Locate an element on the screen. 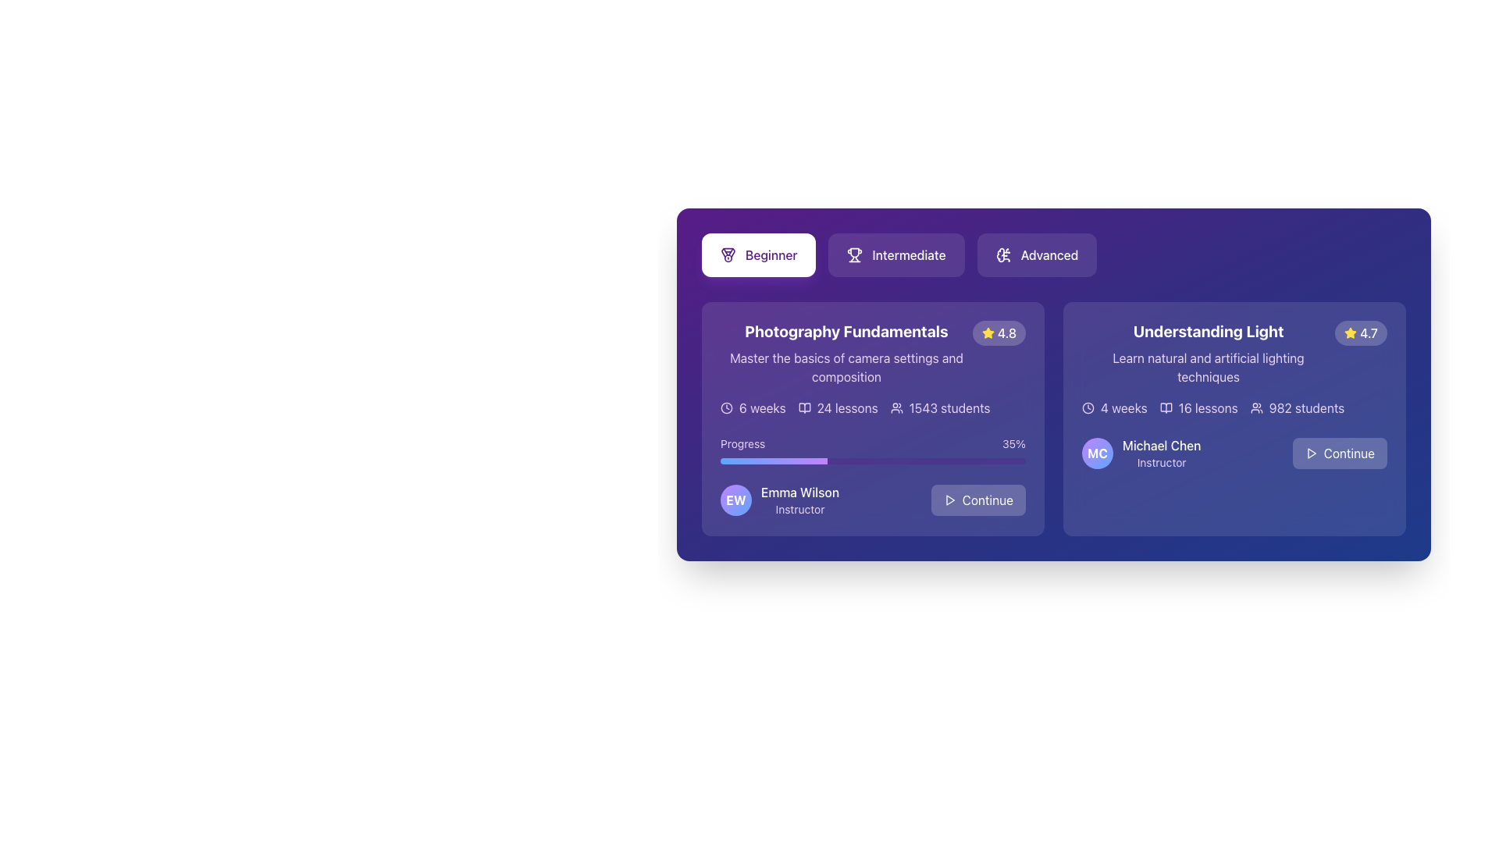 The width and height of the screenshot is (1499, 843). the Content Header with Rating Badge that includes the heading 'Photography Fundamentals' and its rating badge displaying '4.8' is located at coordinates (872, 353).